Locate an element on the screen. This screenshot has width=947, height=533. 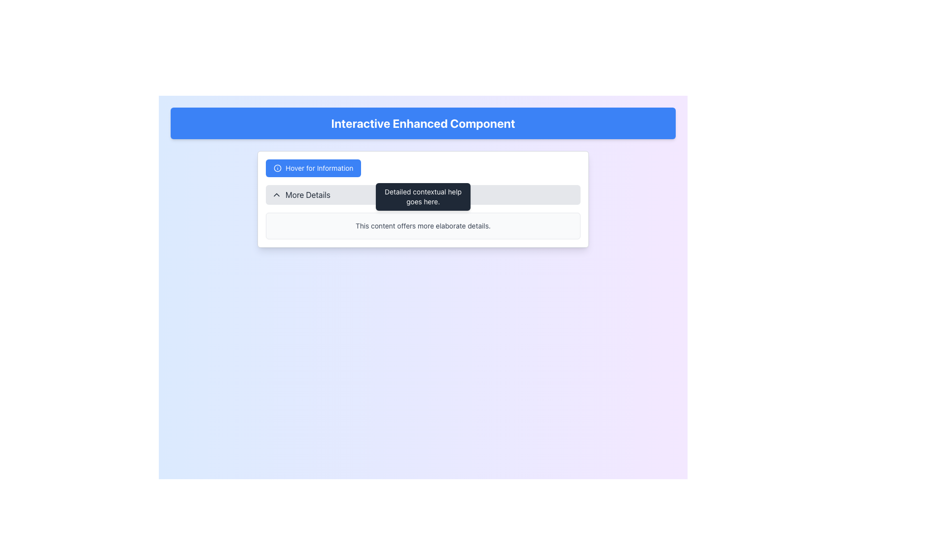
text label displaying 'More Details' which is located within a gray background bar, adjacent to a chevron-down arrow icon is located at coordinates (307, 194).